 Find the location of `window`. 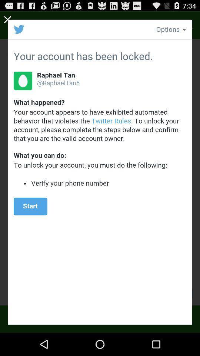

window is located at coordinates (7, 19).